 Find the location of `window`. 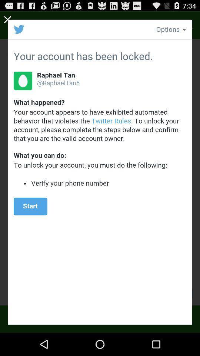

window is located at coordinates (7, 19).